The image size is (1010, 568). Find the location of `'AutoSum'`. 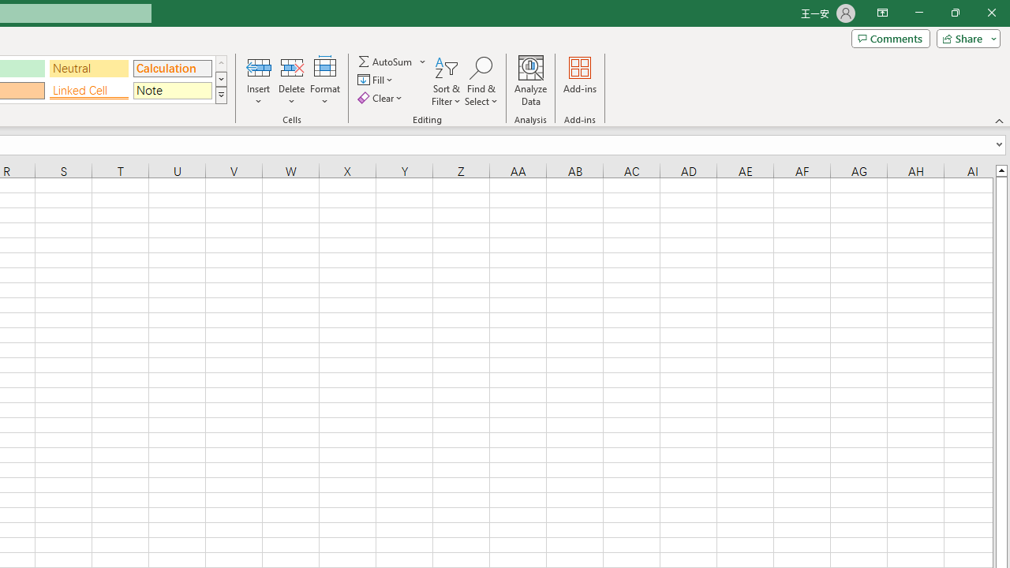

'AutoSum' is located at coordinates (392, 61).